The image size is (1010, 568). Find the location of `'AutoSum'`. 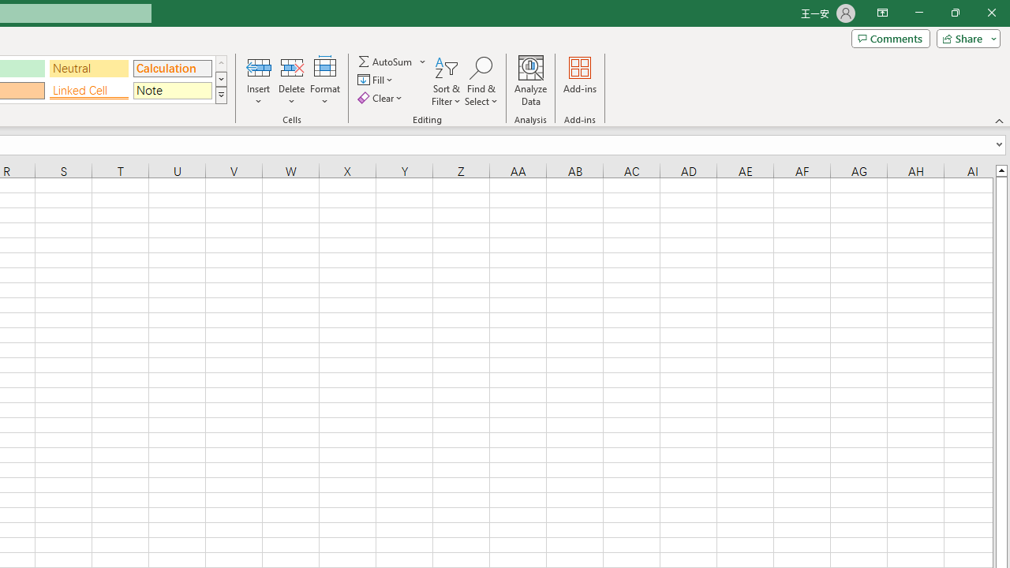

'AutoSum' is located at coordinates (392, 61).